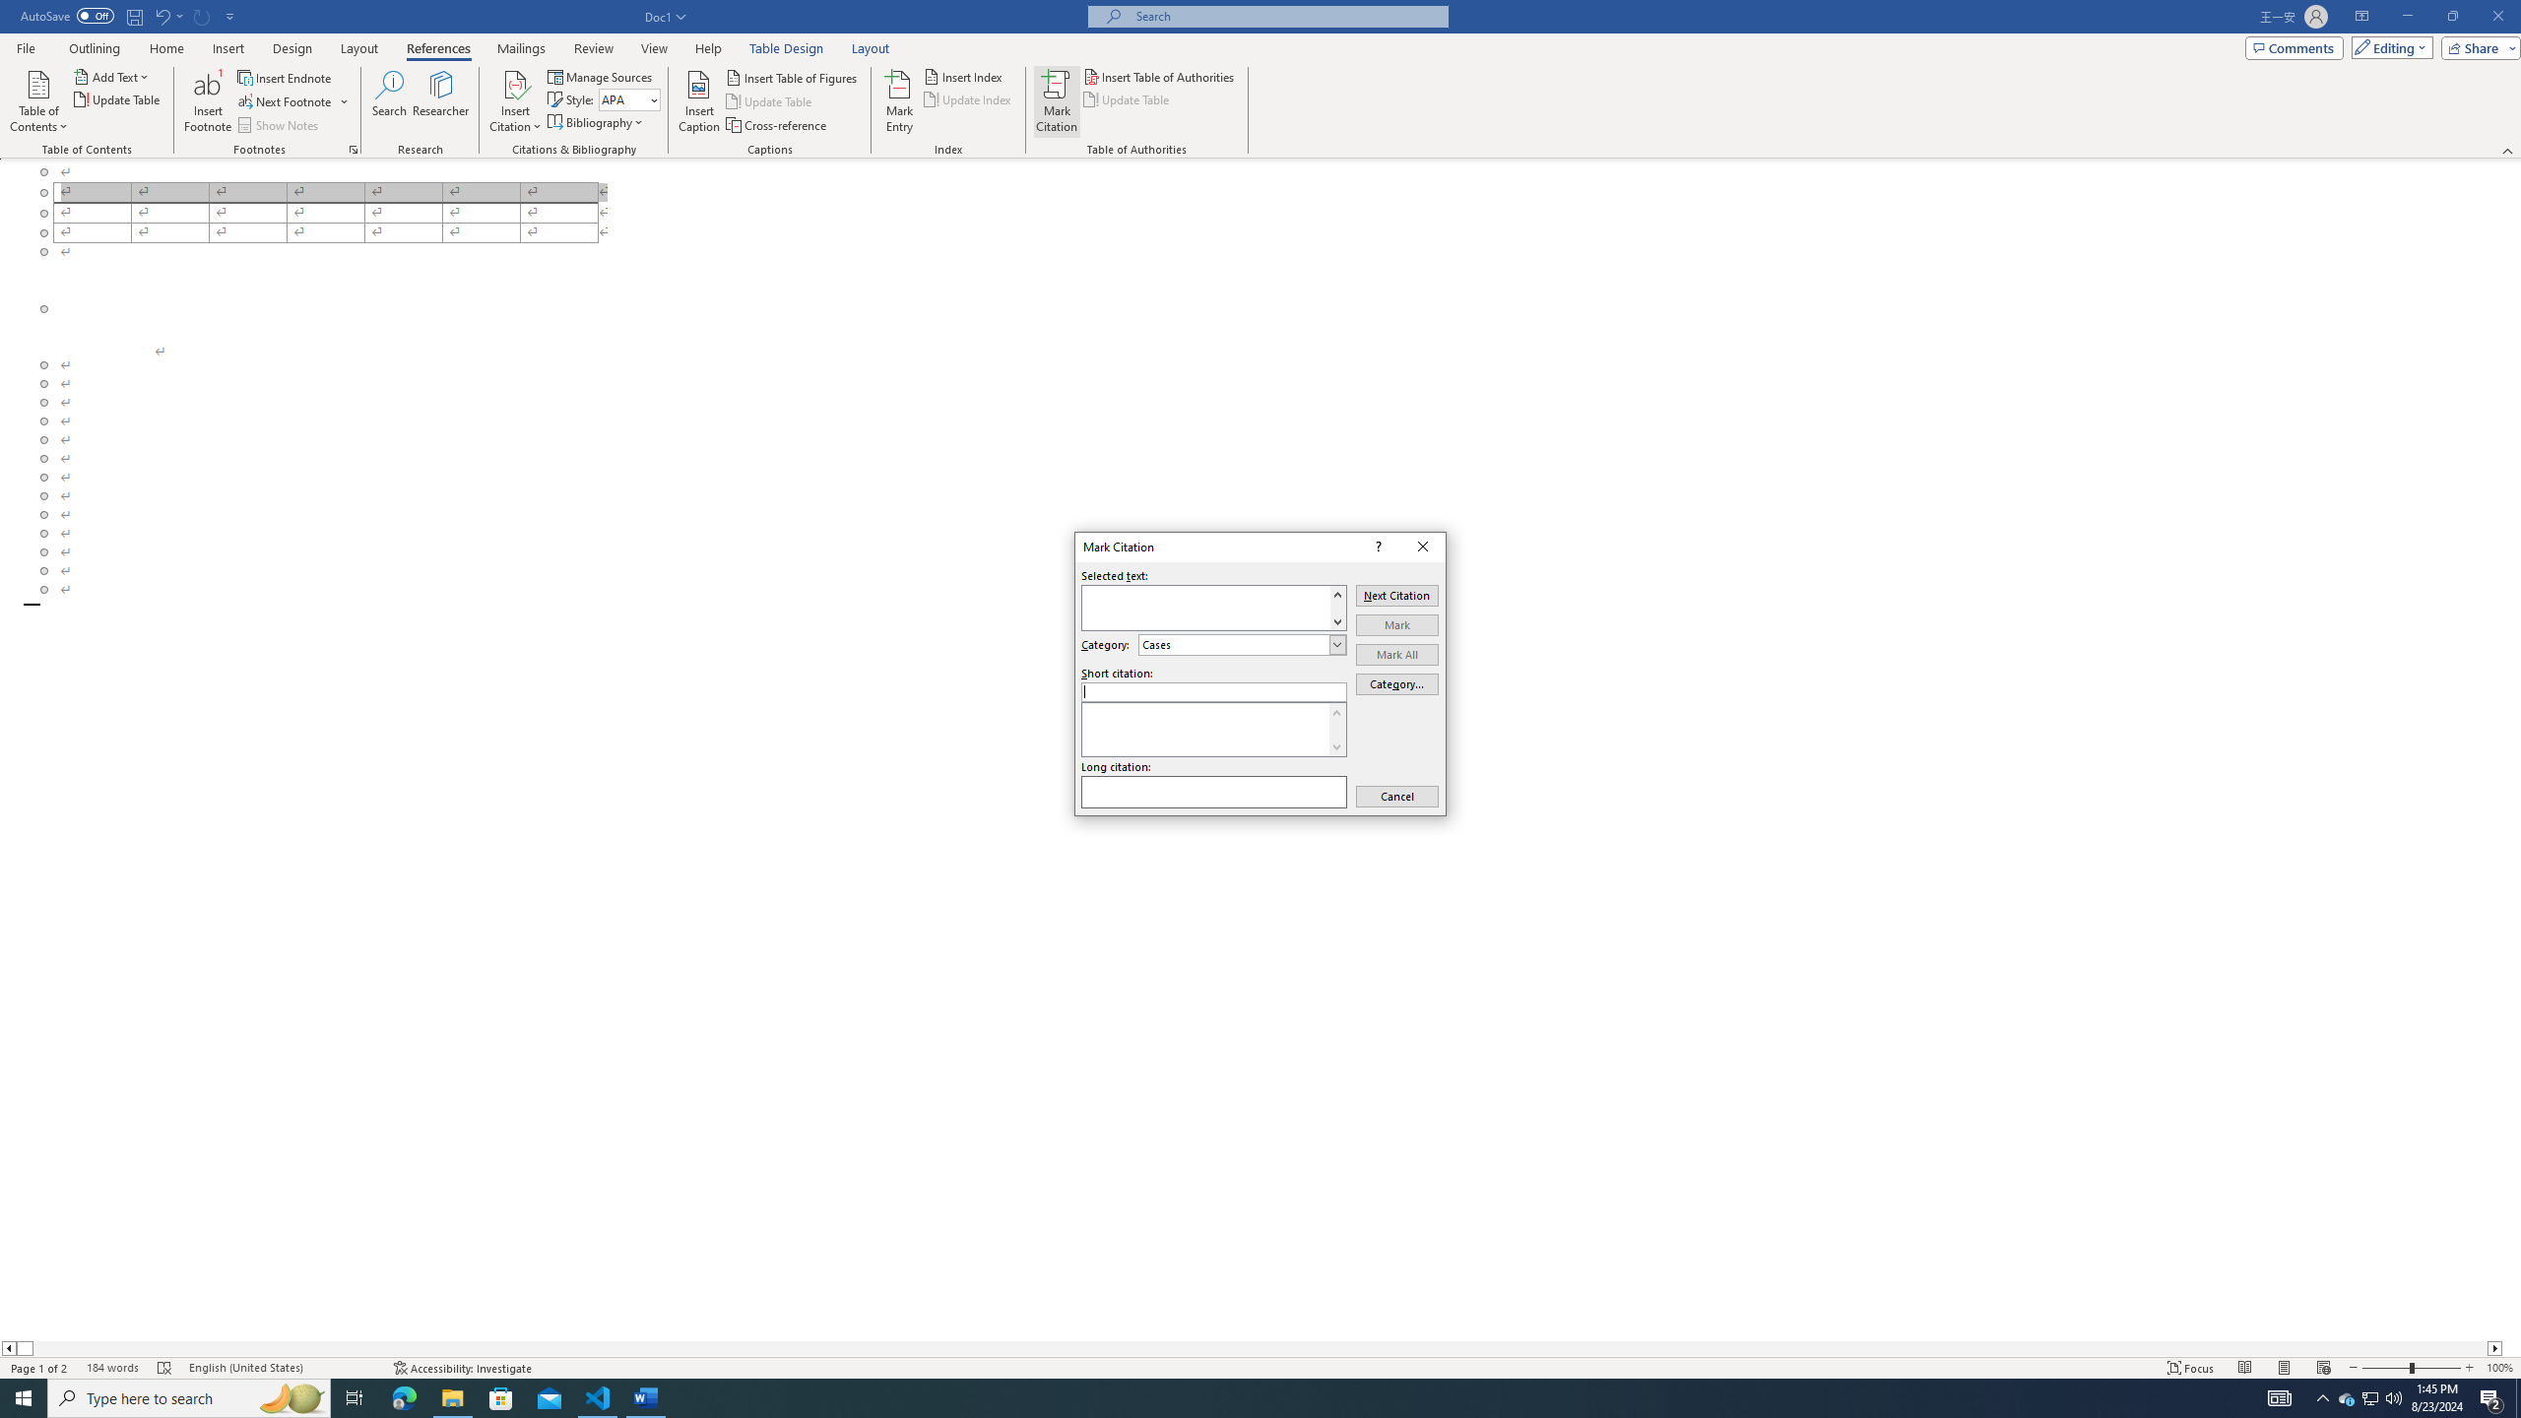  I want to click on 'Line down', so click(1336, 746).